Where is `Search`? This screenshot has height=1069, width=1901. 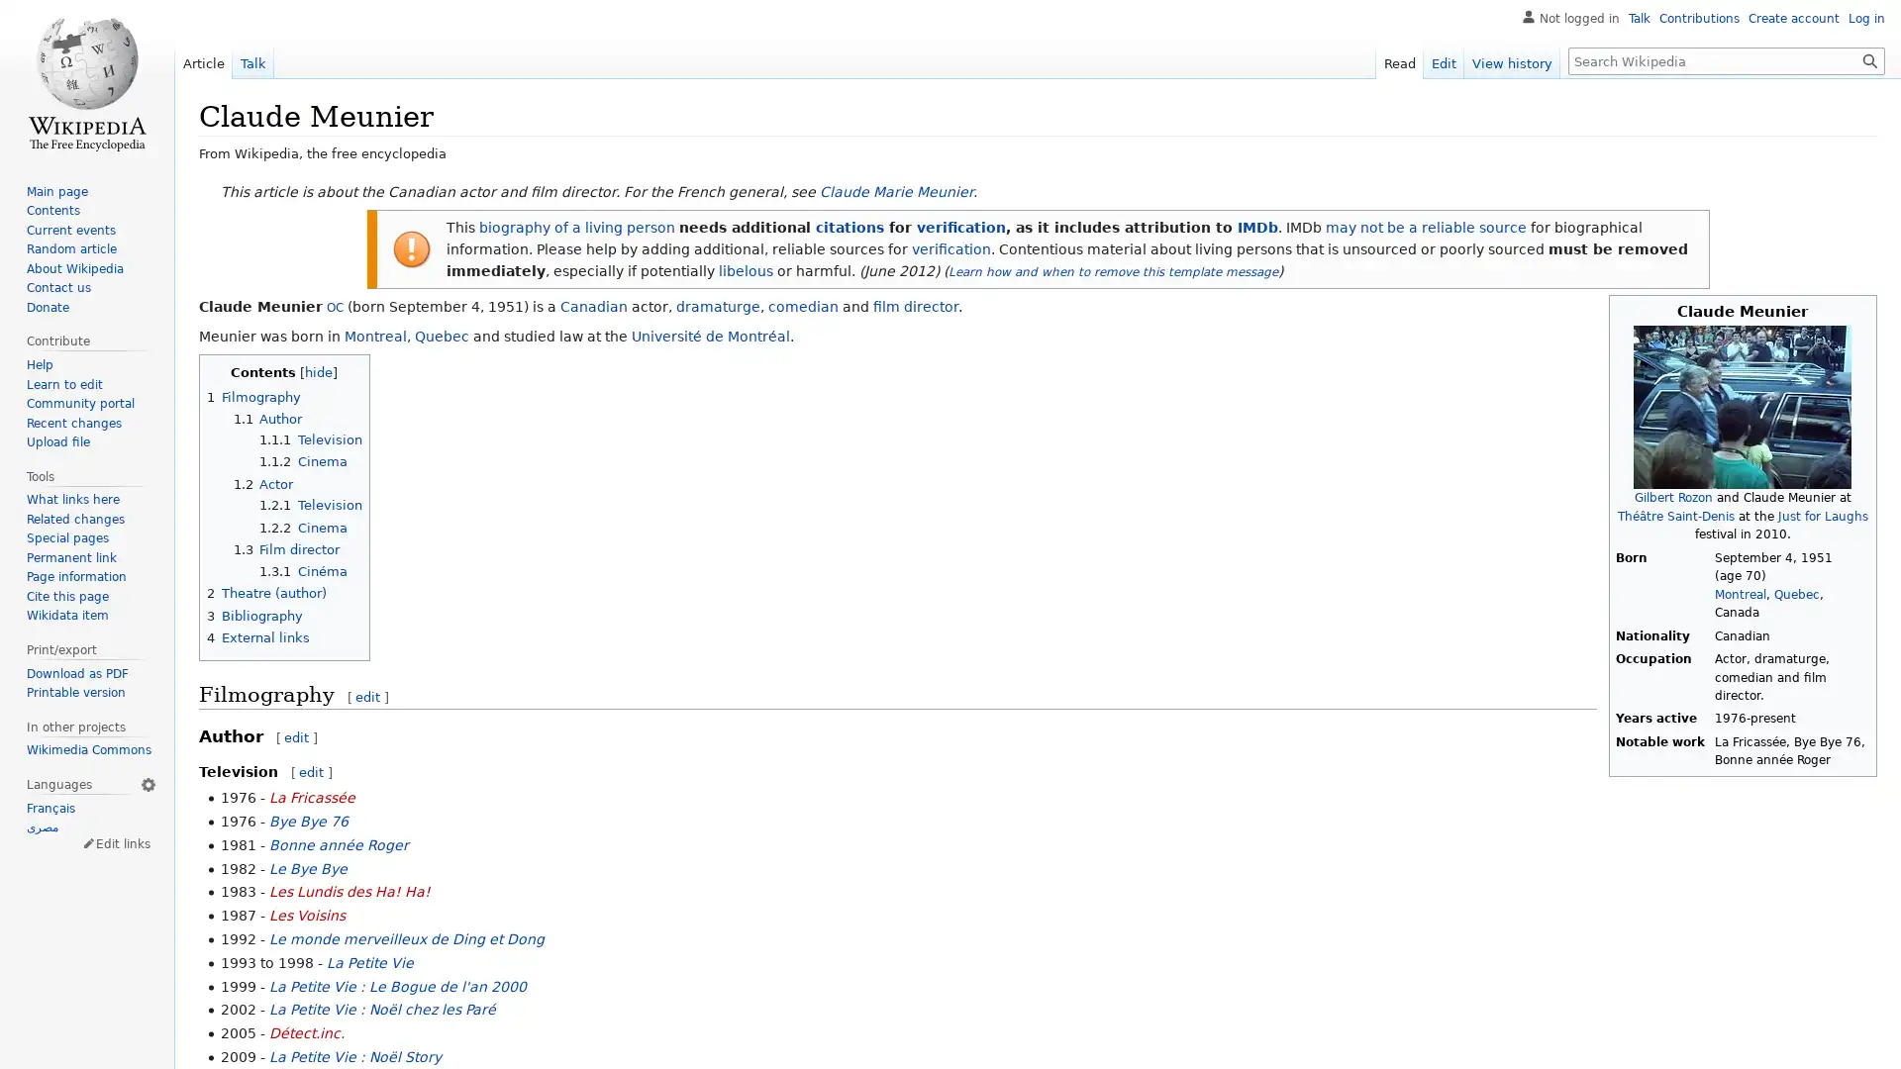
Search is located at coordinates (1869, 59).